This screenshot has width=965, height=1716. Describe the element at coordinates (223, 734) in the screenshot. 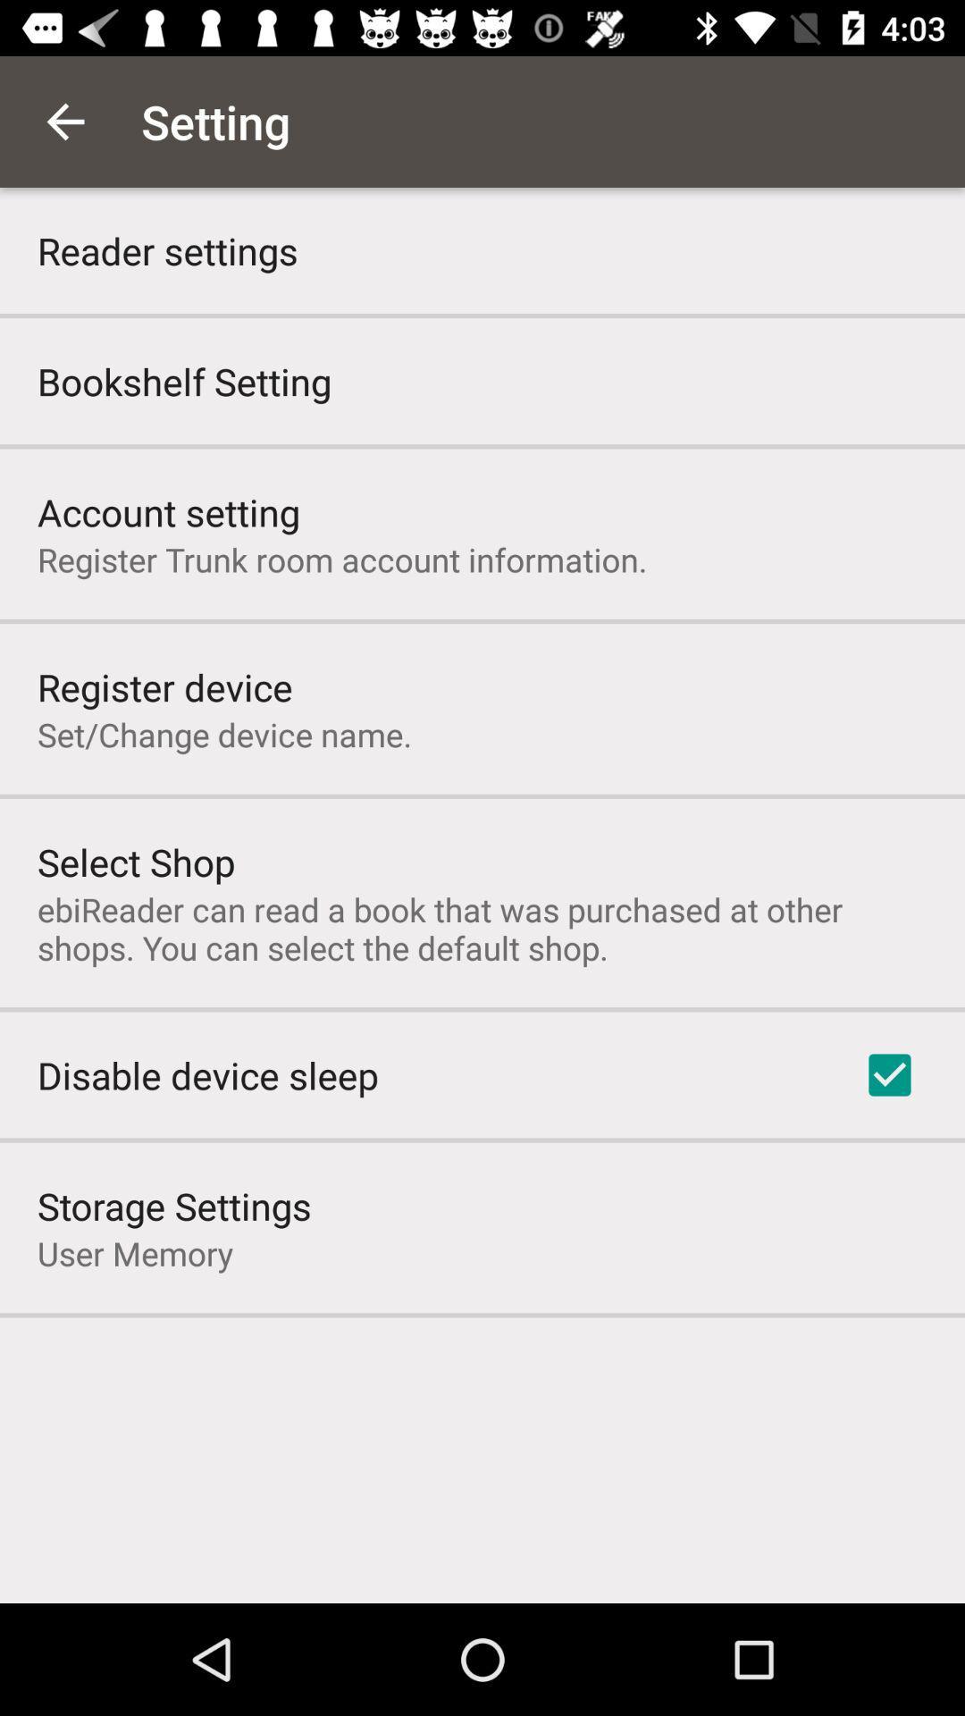

I see `item below register device icon` at that location.